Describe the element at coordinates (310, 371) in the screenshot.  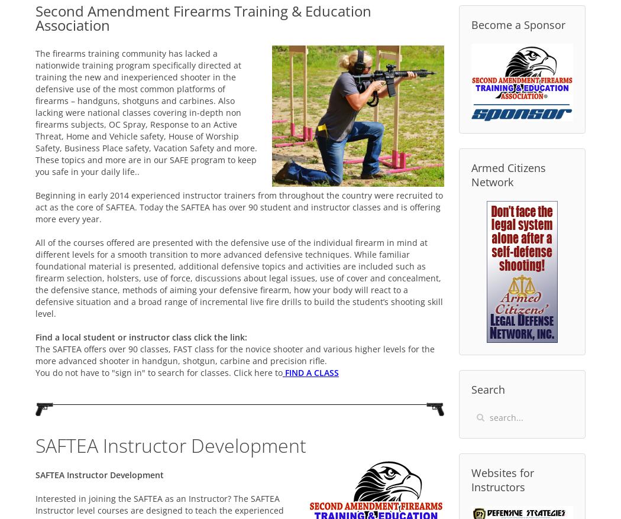
I see `'FIND A CLASS'` at that location.